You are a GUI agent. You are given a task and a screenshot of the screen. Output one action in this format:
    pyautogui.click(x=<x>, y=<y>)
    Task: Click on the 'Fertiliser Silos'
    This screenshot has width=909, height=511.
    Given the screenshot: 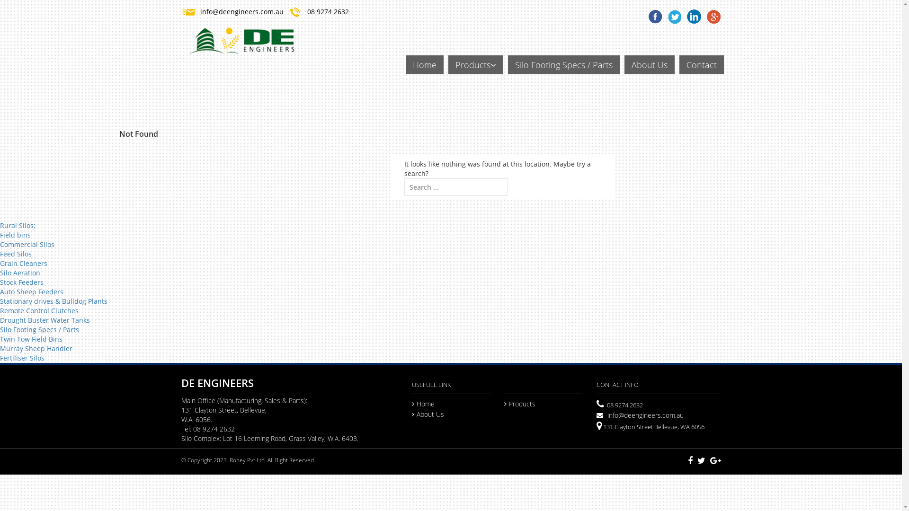 What is the action you would take?
    pyautogui.click(x=0, y=358)
    